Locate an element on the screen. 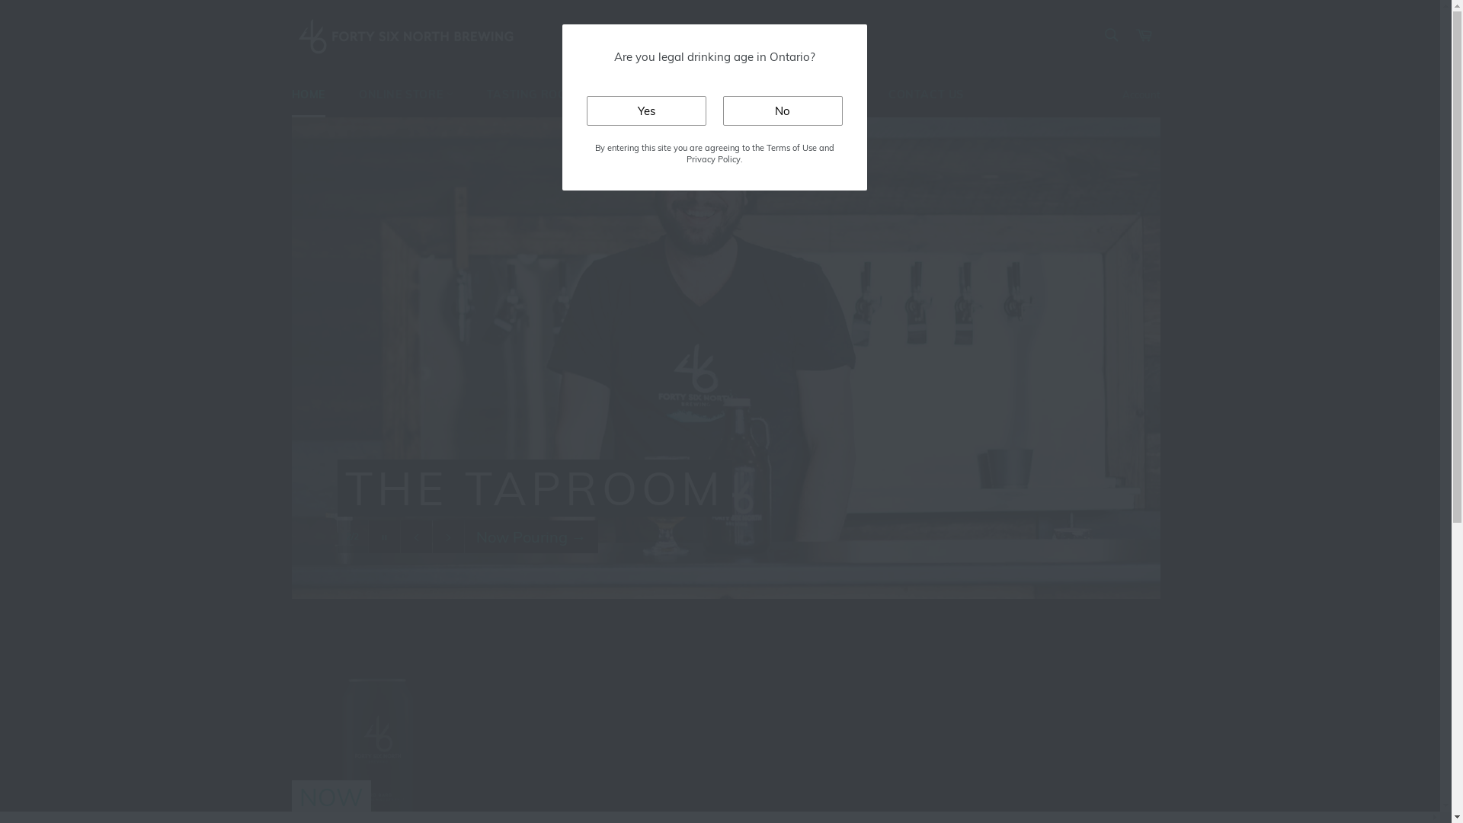 The height and width of the screenshot is (823, 1463). 'Yes' is located at coordinates (646, 110).